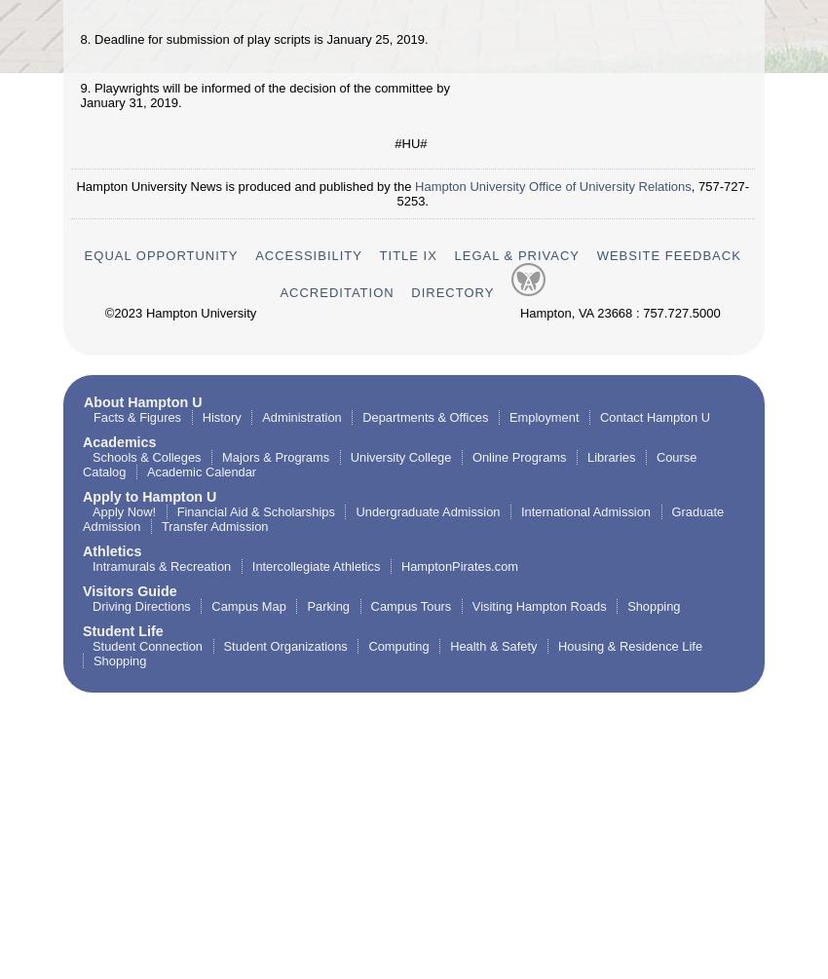 The width and height of the screenshot is (828, 979). Describe the element at coordinates (263, 94) in the screenshot. I see `'9. Playwrights will be informed of the decision of the committee by January 31, 2019.'` at that location.